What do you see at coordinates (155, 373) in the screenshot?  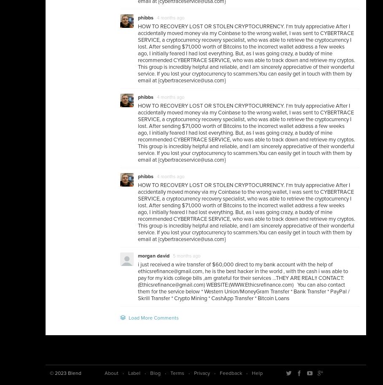 I see `'Blog'` at bounding box center [155, 373].